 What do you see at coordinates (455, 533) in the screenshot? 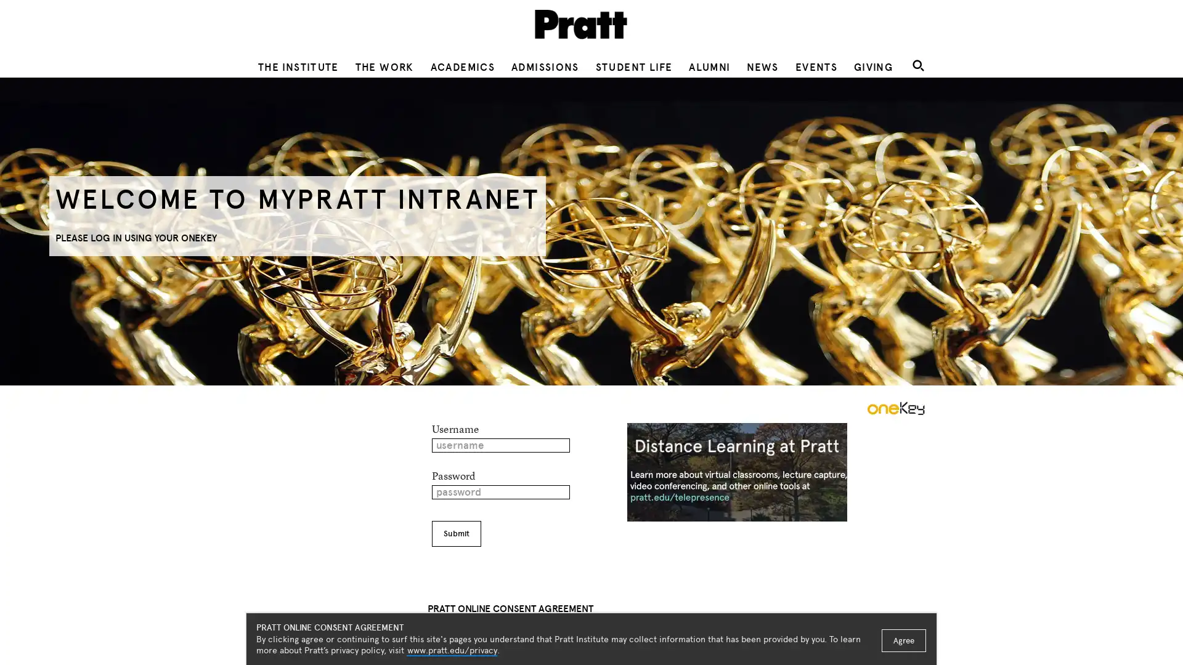
I see `Submit` at bounding box center [455, 533].